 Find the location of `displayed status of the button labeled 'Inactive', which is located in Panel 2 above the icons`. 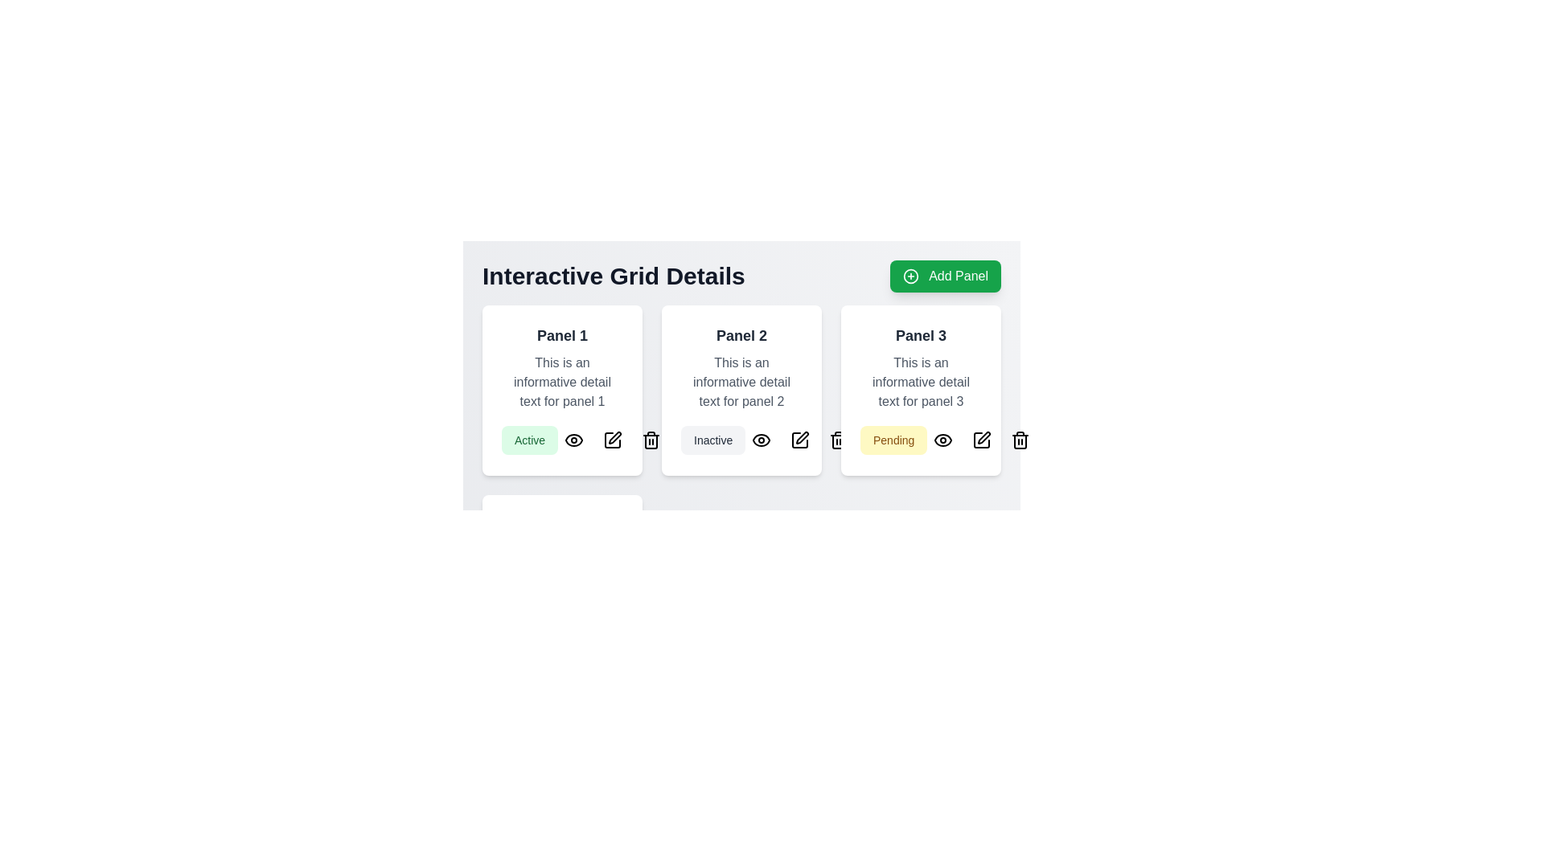

displayed status of the button labeled 'Inactive', which is located in Panel 2 above the icons is located at coordinates (741, 440).